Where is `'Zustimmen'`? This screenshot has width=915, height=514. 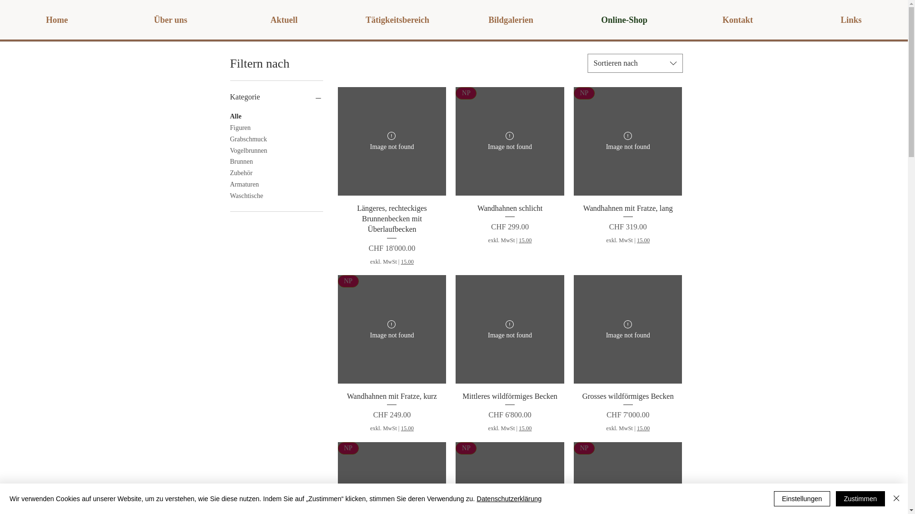
'Zustimmen' is located at coordinates (860, 498).